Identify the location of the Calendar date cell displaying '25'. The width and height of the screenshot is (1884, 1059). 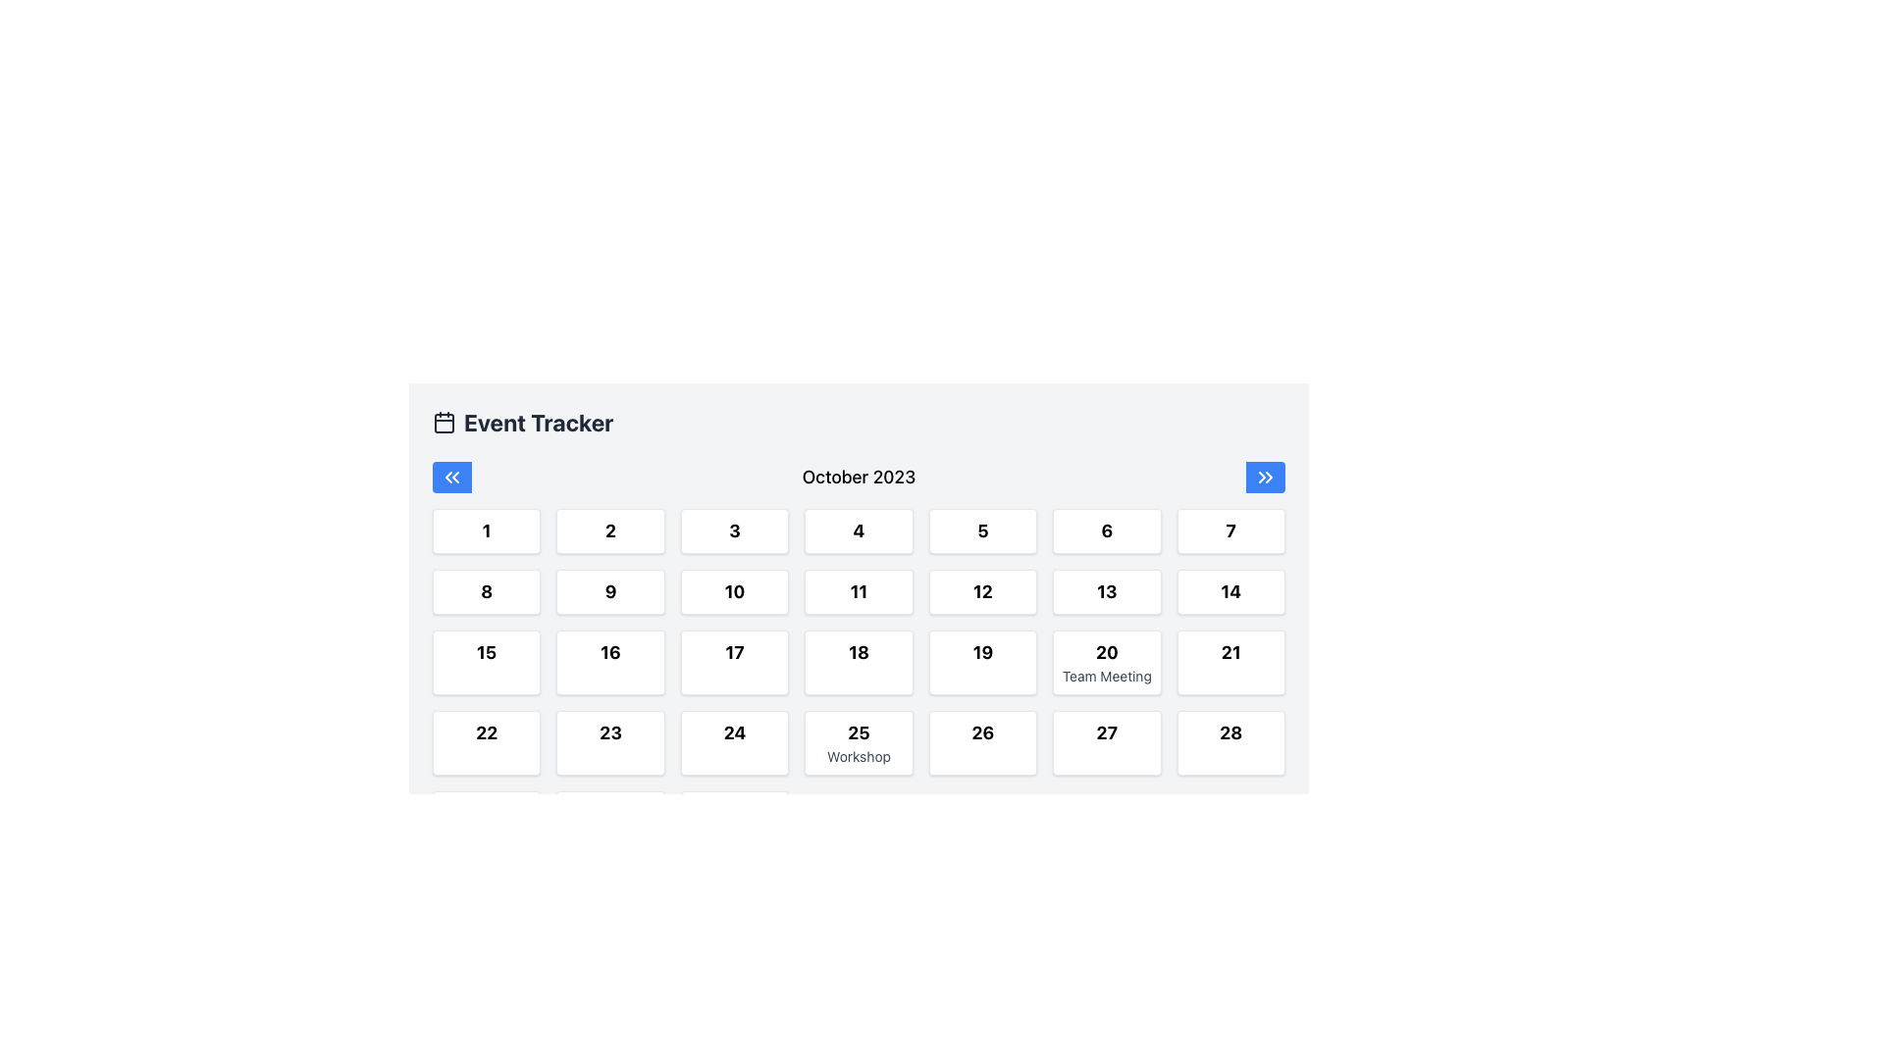
(859, 743).